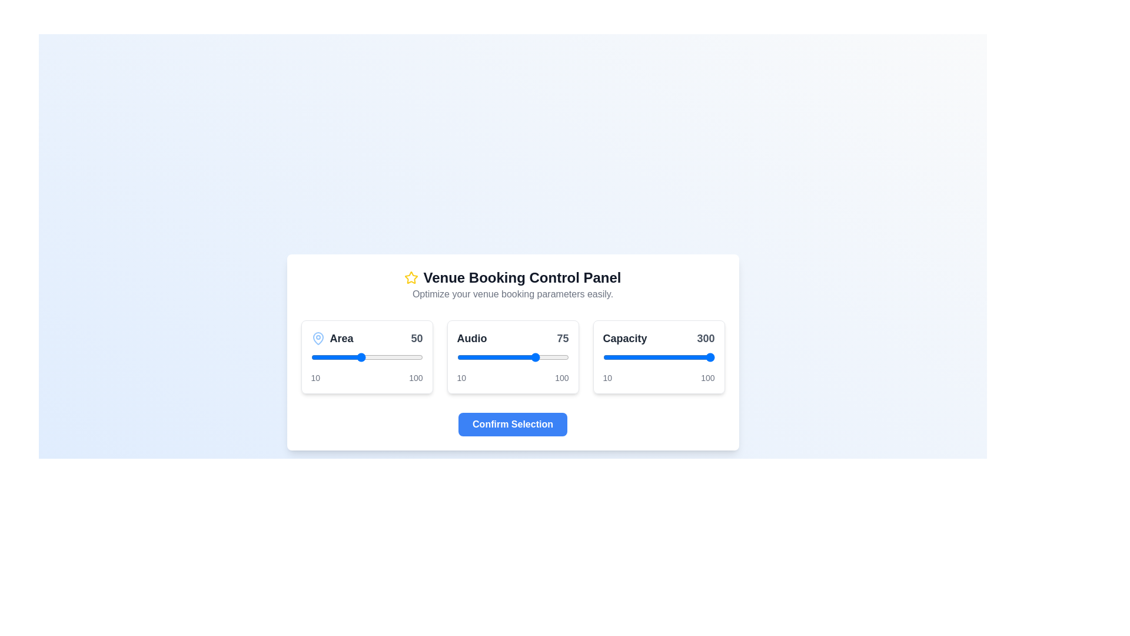  Describe the element at coordinates (468, 356) in the screenshot. I see `the audio level` at that location.